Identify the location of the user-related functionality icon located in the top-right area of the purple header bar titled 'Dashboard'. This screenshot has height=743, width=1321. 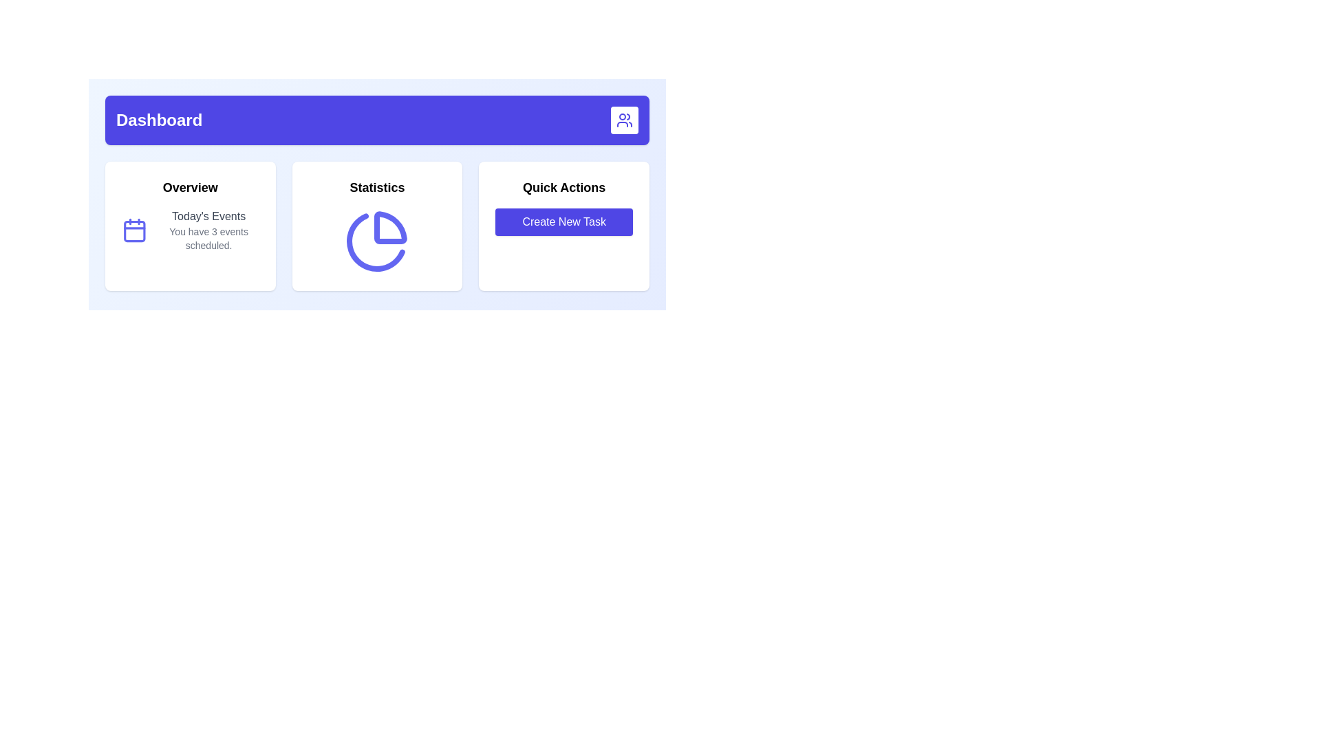
(623, 119).